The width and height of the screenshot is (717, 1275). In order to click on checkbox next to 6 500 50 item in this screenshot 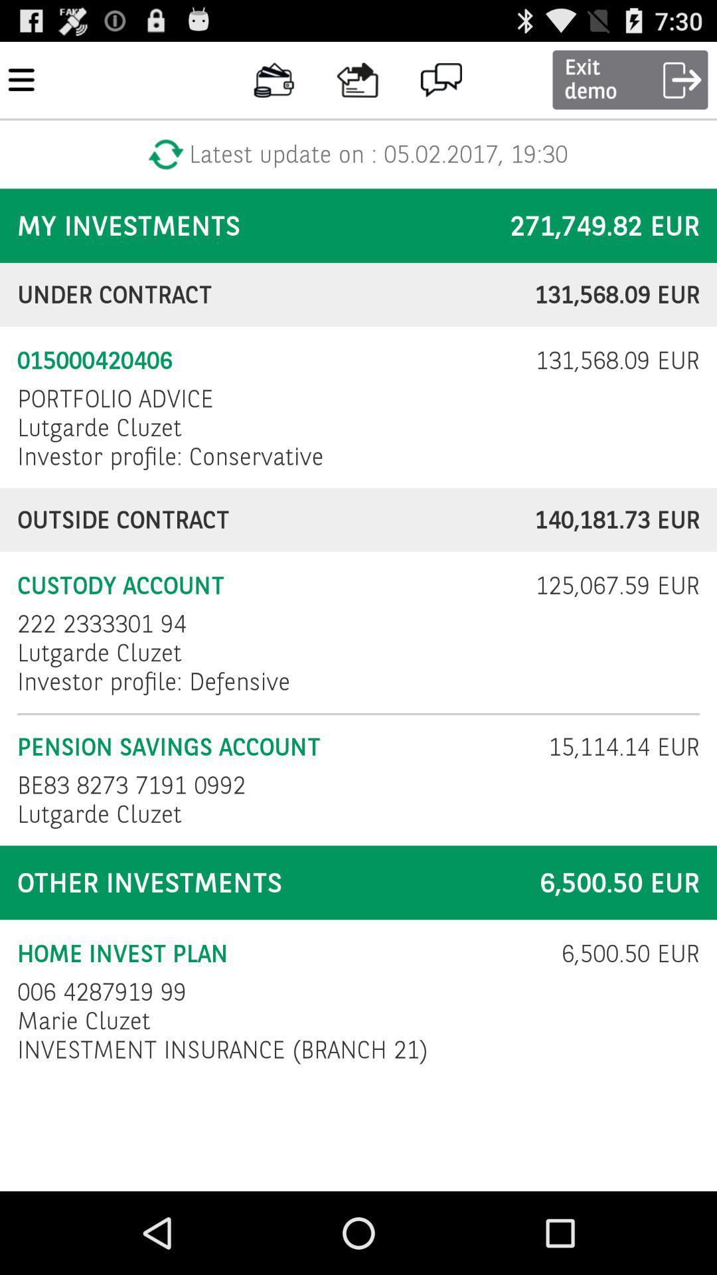, I will do `click(101, 991)`.